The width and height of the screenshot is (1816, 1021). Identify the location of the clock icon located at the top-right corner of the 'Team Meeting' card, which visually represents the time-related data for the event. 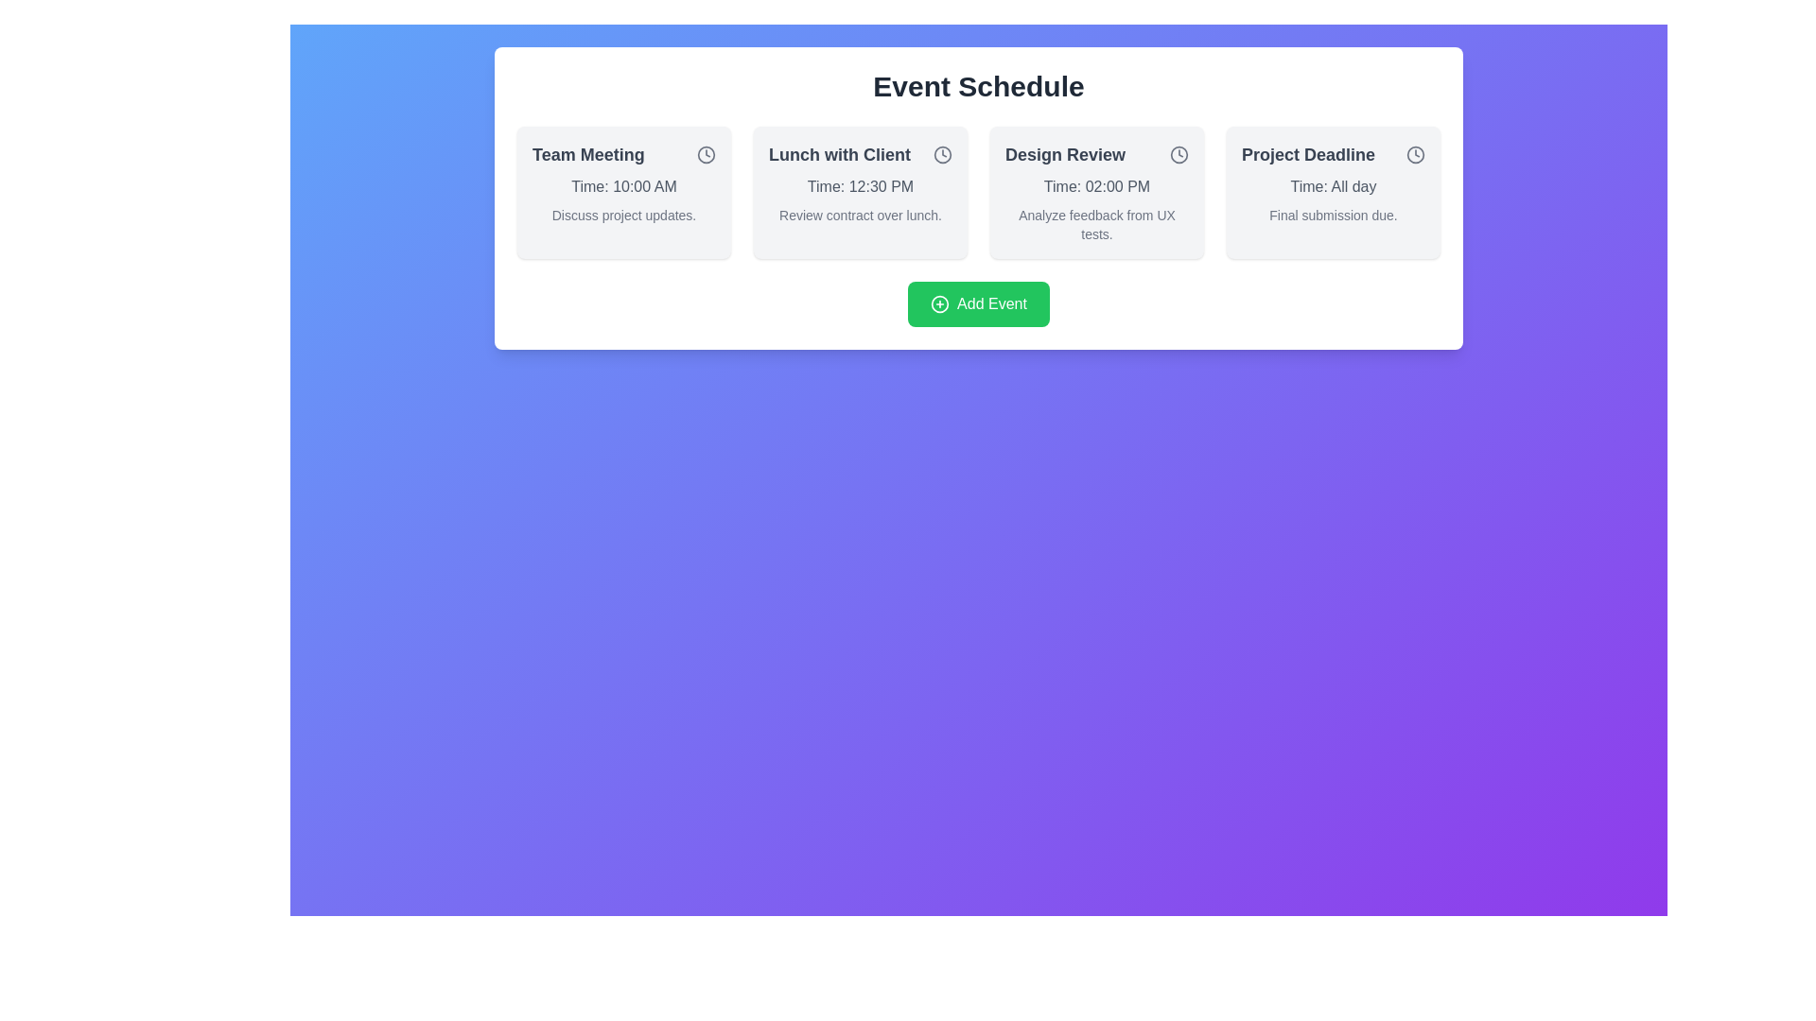
(706, 154).